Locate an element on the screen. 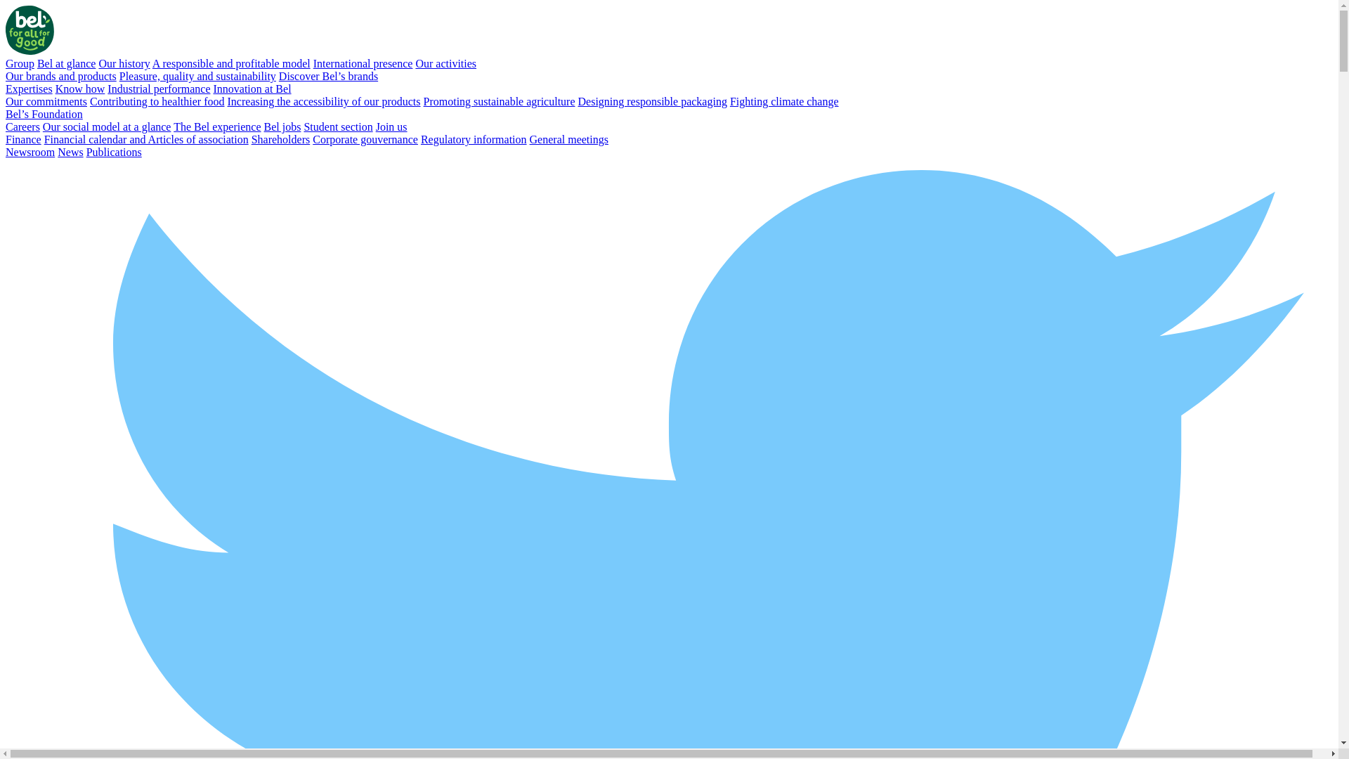 The width and height of the screenshot is (1349, 759). 'Our social model at a glance' is located at coordinates (43, 126).